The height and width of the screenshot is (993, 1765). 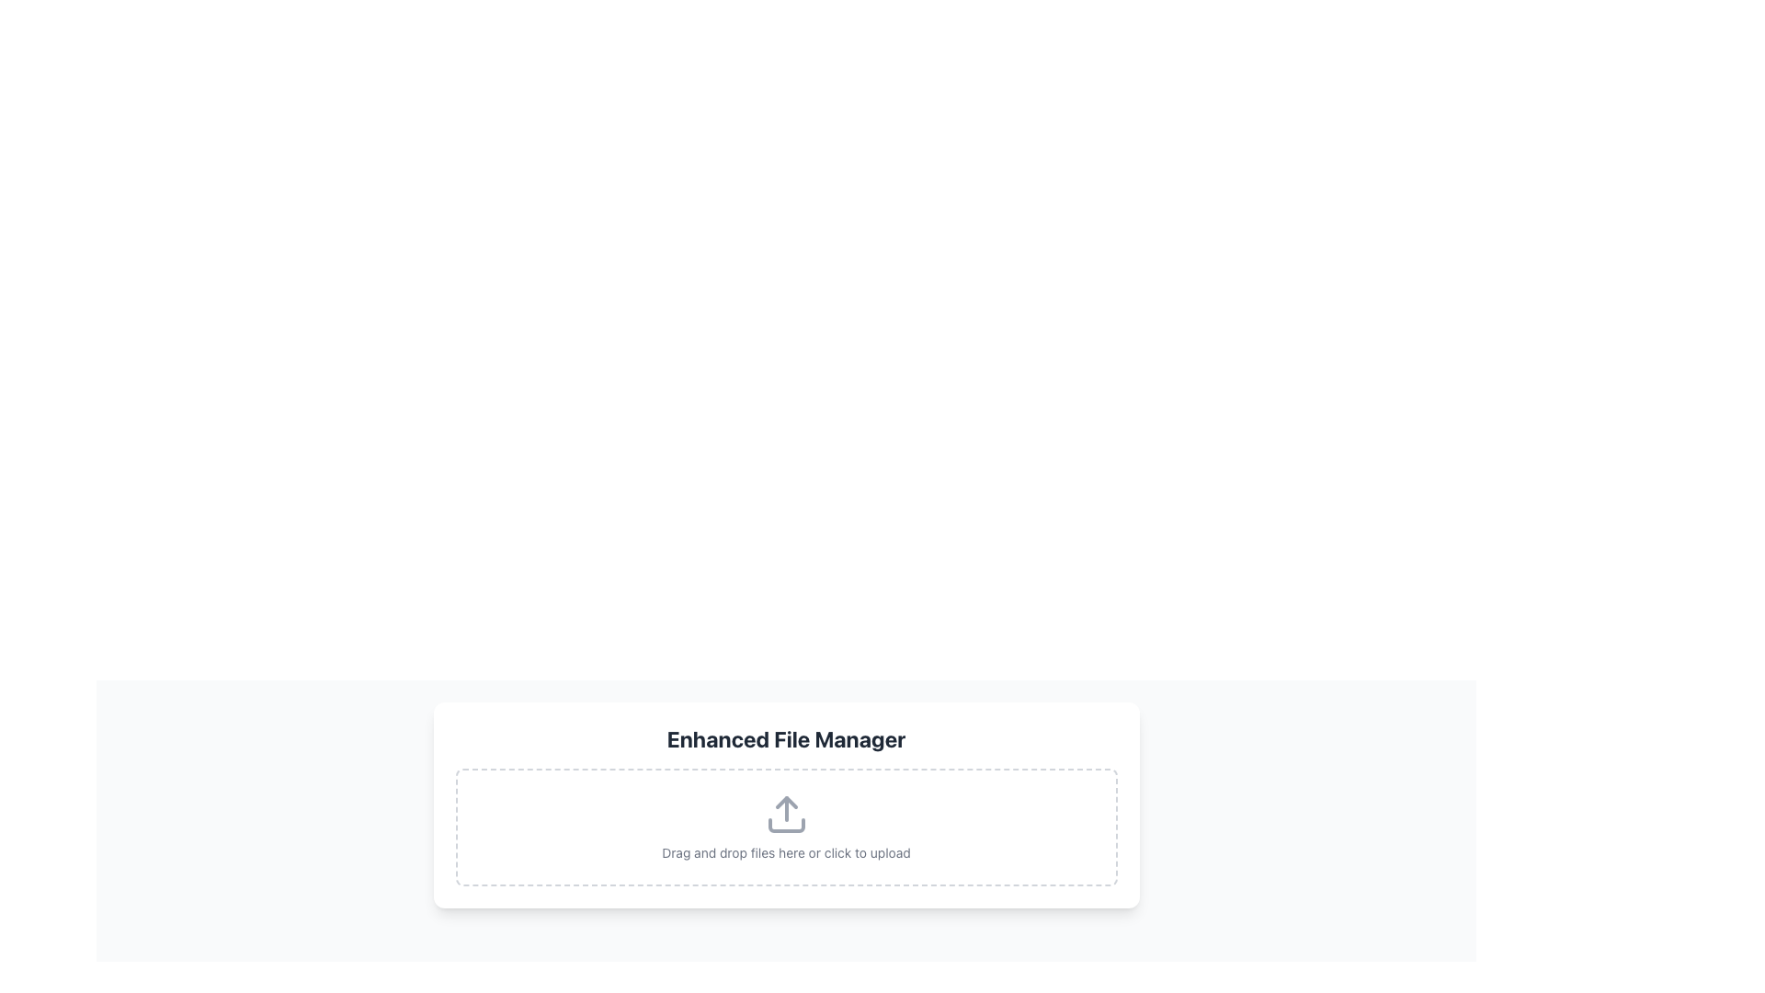 What do you see at coordinates (786, 804) in the screenshot?
I see `files into the central area of the File Upload Drop Zone, which has a bold header 'Enhanced File Manager' and dashed borders for file upload` at bounding box center [786, 804].